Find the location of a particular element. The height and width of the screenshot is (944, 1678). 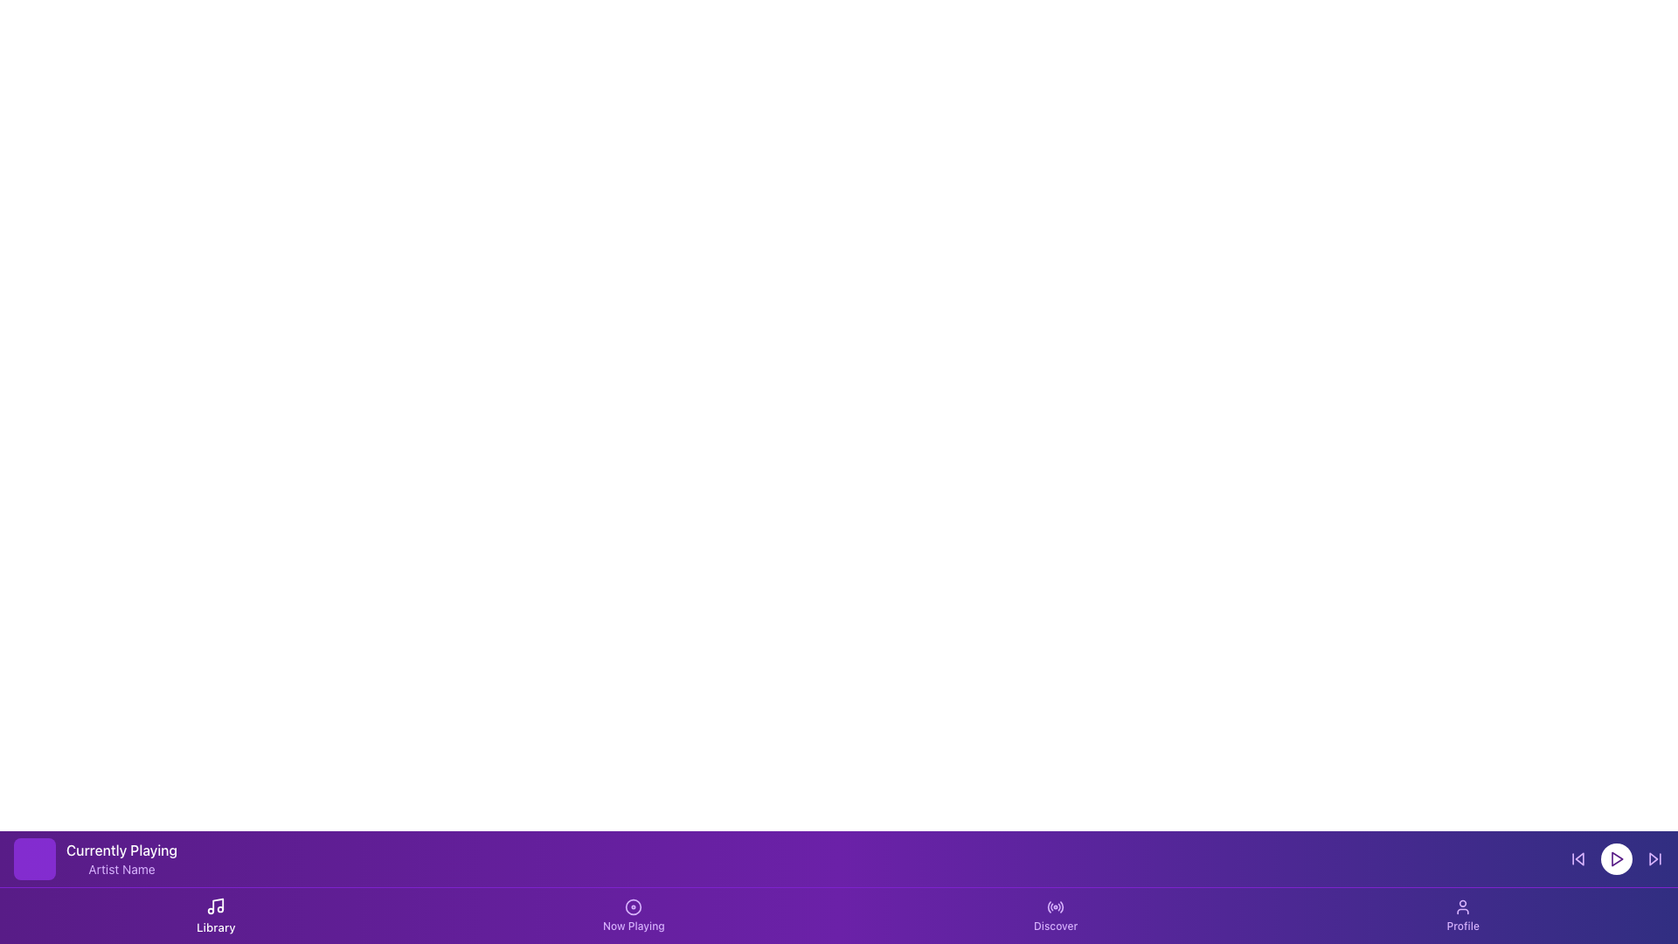

the user profile icon, which is a circular head and shoulders figure outlined in purple located in the bottom navigation bar above the 'Profile' label is located at coordinates (1463, 906).